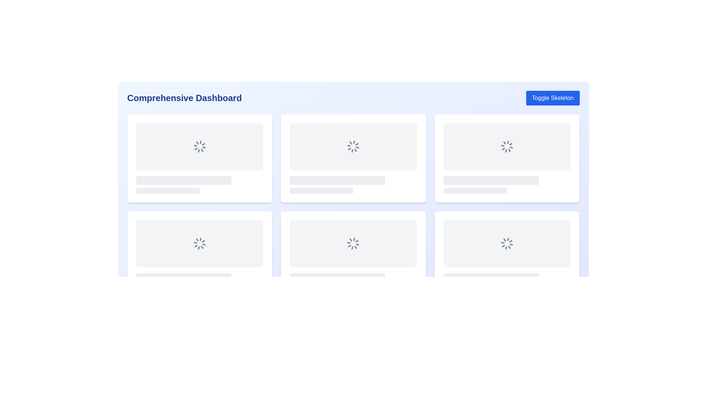 The width and height of the screenshot is (705, 397). I want to click on the Loading placeholder, which is a short rectangular element with a light gray background and rounded corners, positioned below a taller placeholder and exhibiting a pulse animation effect, so click(167, 190).